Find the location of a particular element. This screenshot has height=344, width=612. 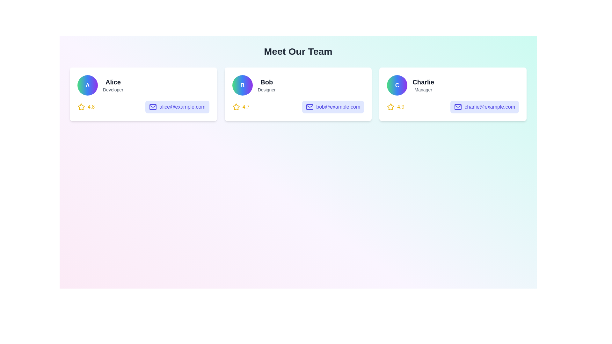

the Text Label indicating the role or position associated with the person featured in the rightmost card, located beneath the 'Charlie' text is located at coordinates (423, 90).